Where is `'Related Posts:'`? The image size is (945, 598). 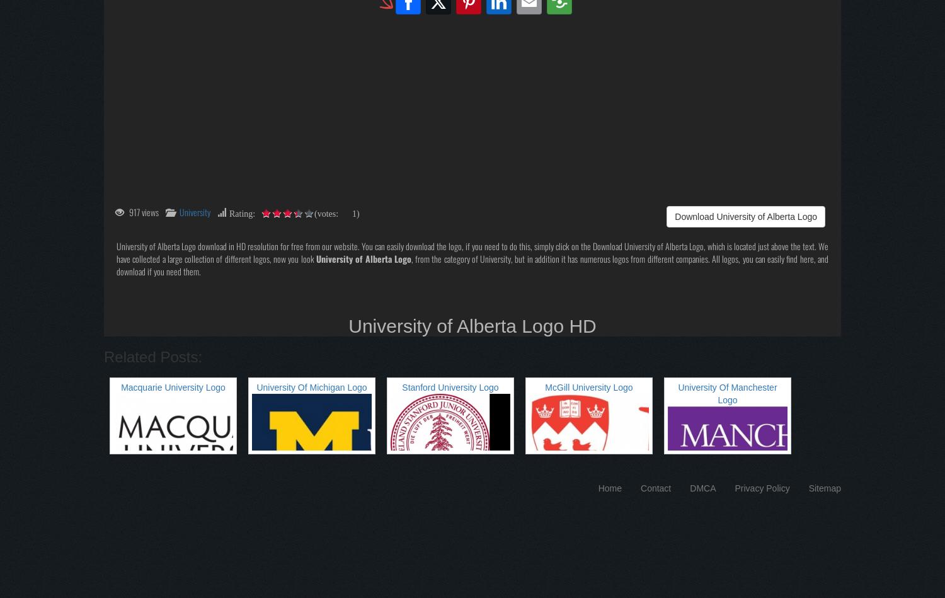
'Related Posts:' is located at coordinates (152, 355).